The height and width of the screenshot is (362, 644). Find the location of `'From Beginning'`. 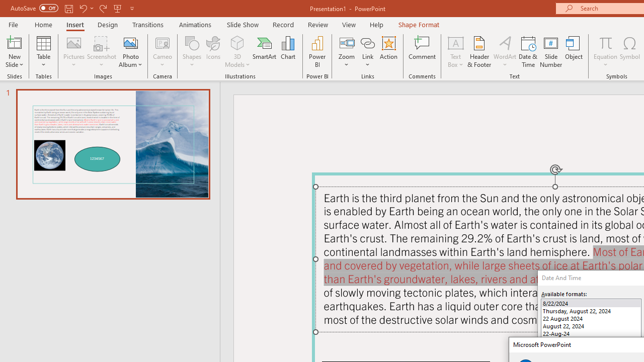

'From Beginning' is located at coordinates (118, 8).